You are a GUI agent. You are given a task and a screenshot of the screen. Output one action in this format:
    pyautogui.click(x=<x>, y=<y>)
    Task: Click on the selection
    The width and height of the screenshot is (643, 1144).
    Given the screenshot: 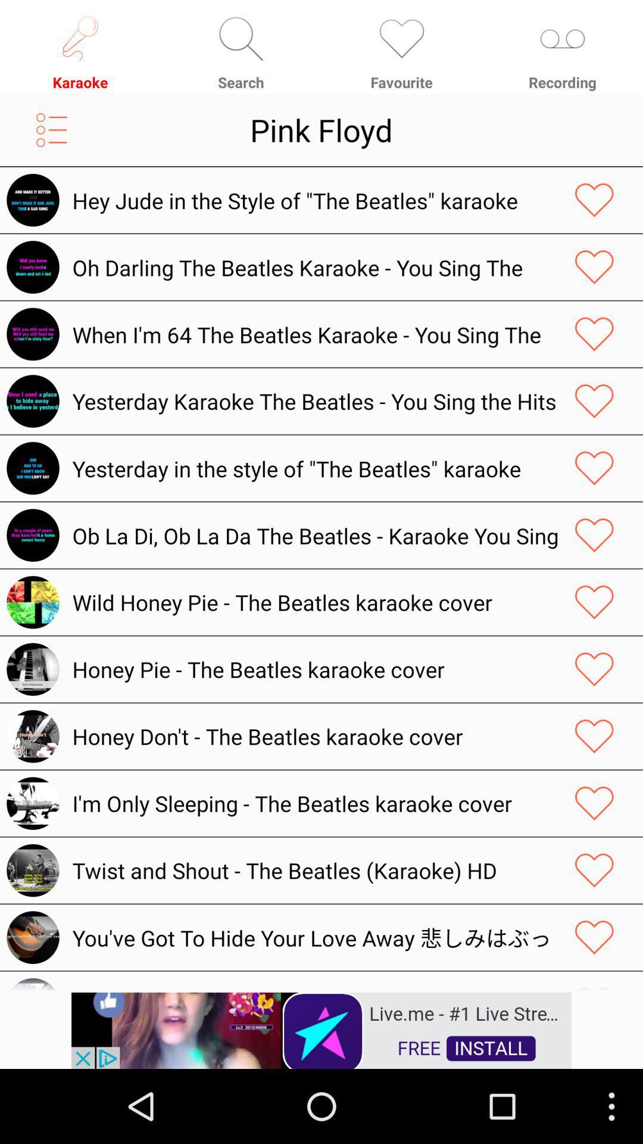 What is the action you would take?
    pyautogui.click(x=594, y=334)
    